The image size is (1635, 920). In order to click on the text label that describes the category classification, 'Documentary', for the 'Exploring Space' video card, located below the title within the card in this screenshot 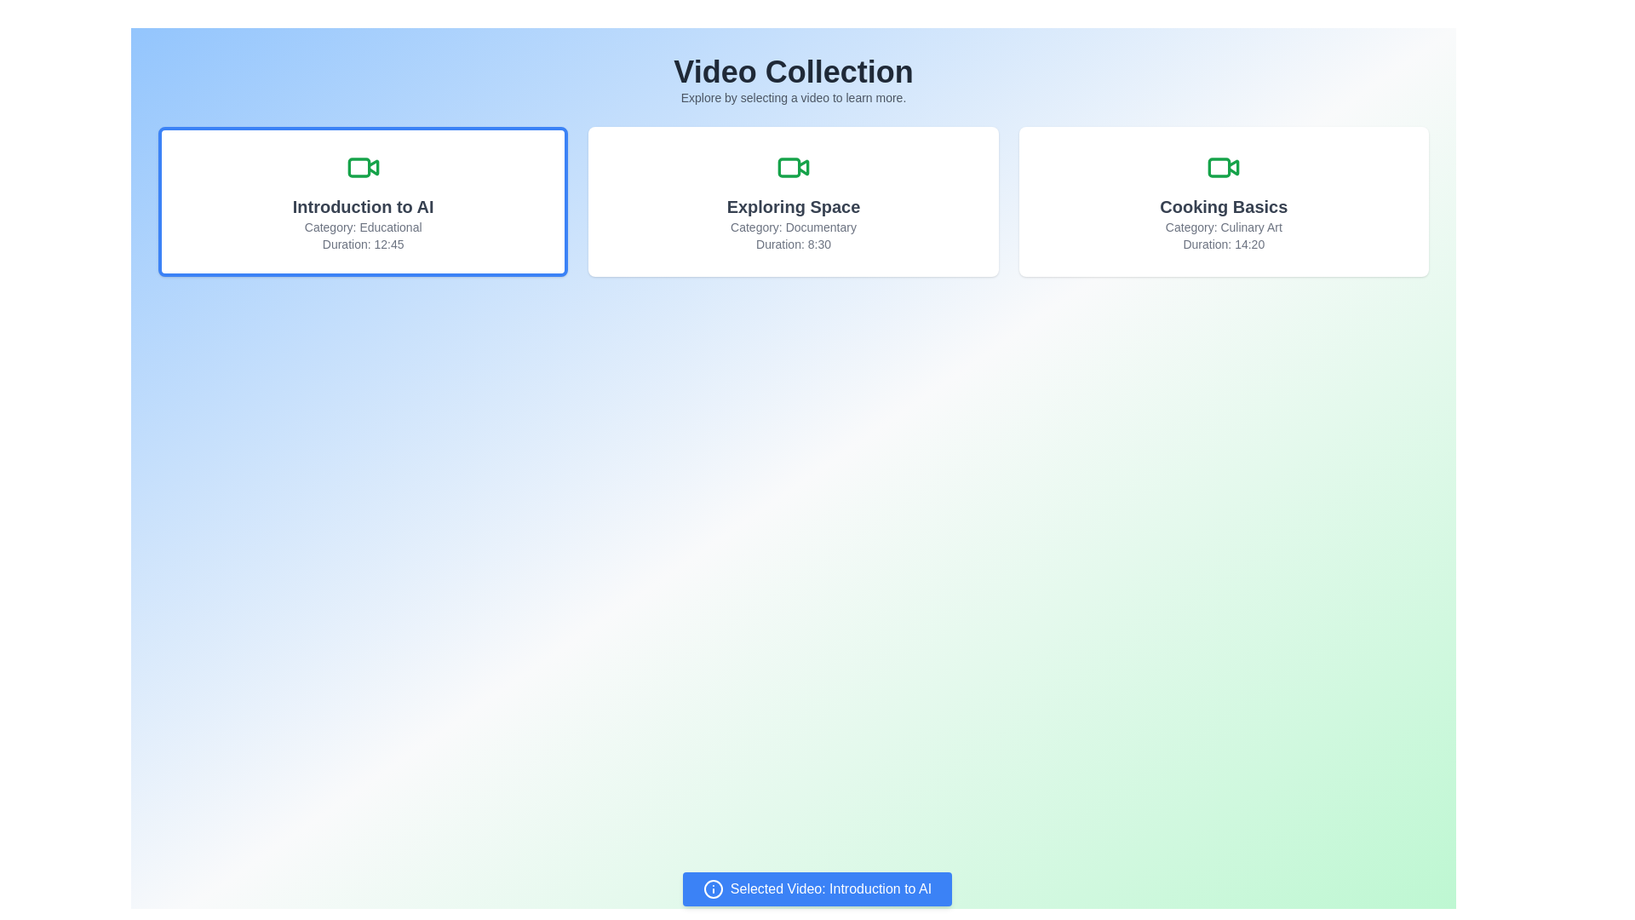, I will do `click(792, 226)`.